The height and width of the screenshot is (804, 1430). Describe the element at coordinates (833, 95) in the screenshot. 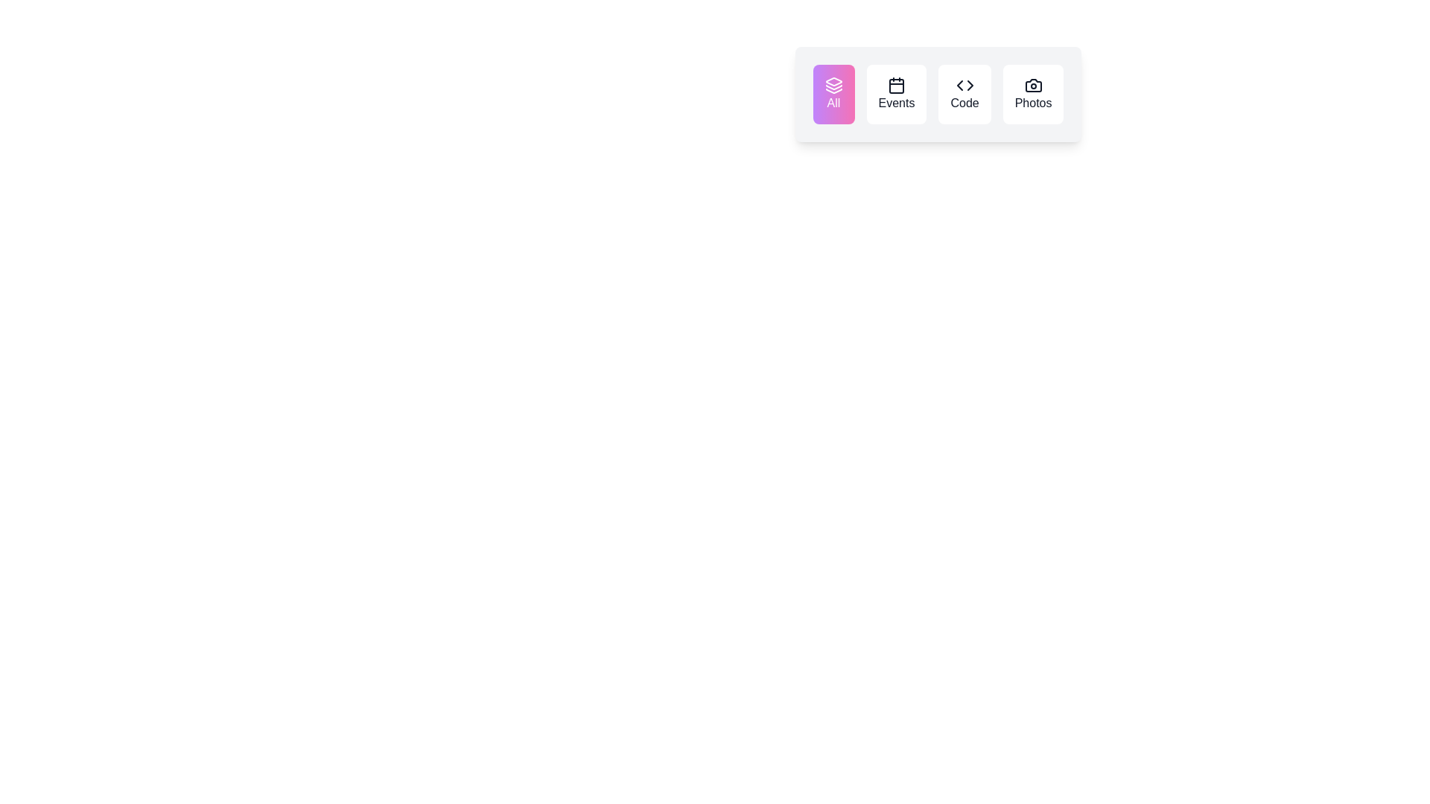

I see `the leftmost button in the horizontal group of buttons for keyboard navigation` at that location.